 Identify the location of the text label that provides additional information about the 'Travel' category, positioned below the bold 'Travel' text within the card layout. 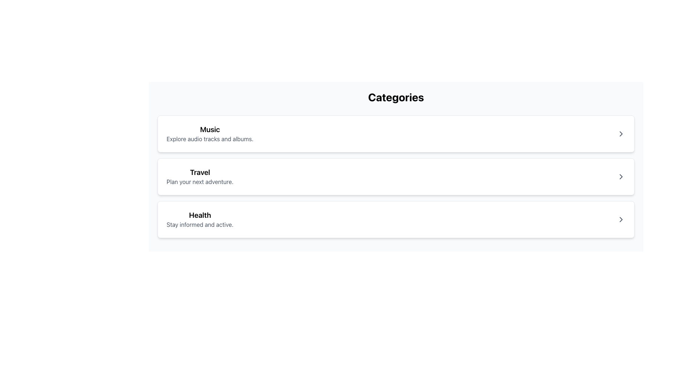
(200, 181).